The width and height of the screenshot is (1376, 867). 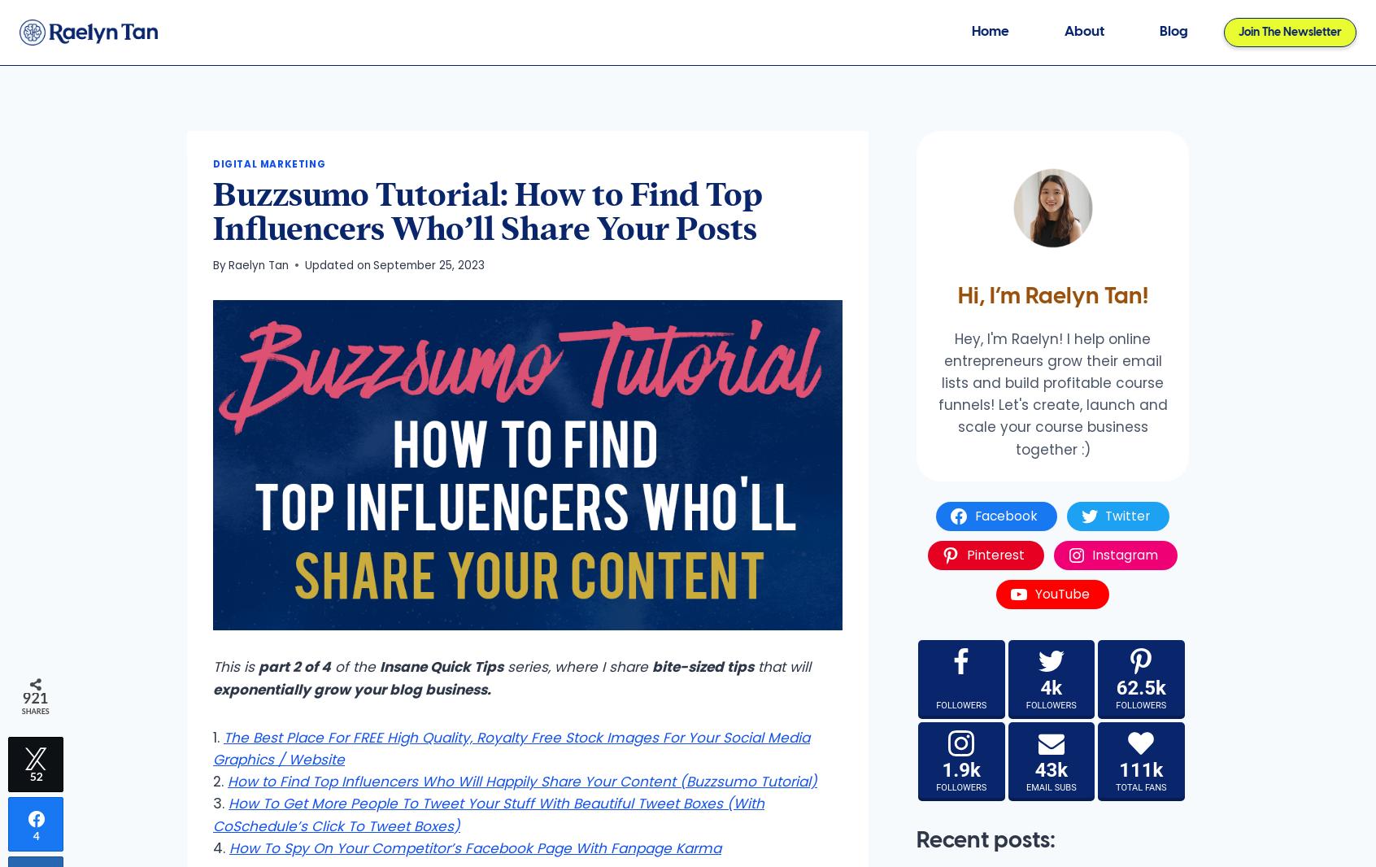 I want to click on '4.', so click(x=221, y=847).